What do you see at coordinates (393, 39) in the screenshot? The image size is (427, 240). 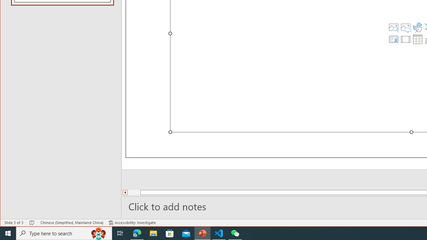 I see `'Insert Cameo'` at bounding box center [393, 39].